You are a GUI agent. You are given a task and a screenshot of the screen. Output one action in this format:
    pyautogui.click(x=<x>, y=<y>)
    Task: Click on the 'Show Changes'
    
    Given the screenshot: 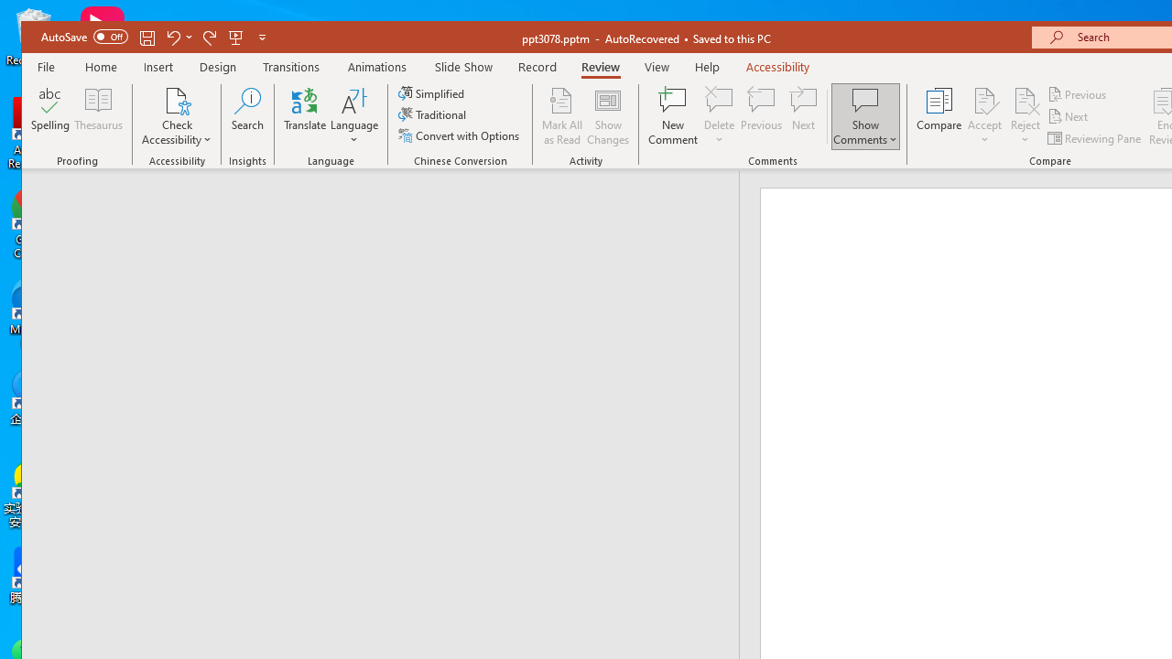 What is the action you would take?
    pyautogui.click(x=608, y=116)
    